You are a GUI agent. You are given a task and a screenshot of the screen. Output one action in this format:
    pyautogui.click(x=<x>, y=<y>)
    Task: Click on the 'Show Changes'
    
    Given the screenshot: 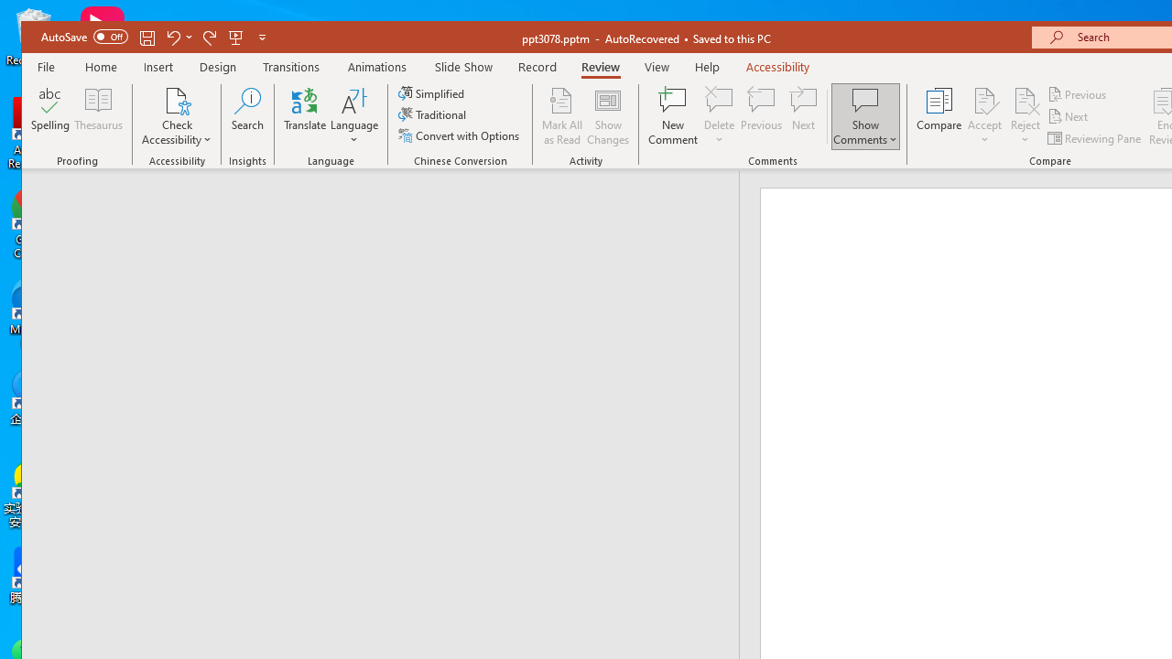 What is the action you would take?
    pyautogui.click(x=608, y=116)
    